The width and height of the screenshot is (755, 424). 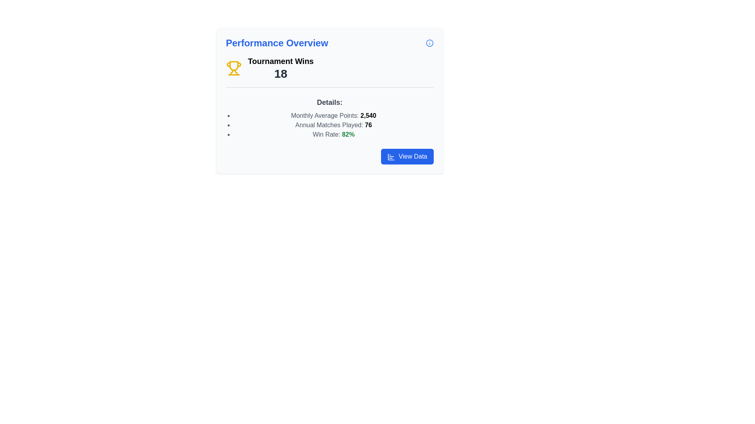 I want to click on the bar chart icon located within the 'View Data' button at the bottom-right corner of the card by clicking on it, so click(x=391, y=157).